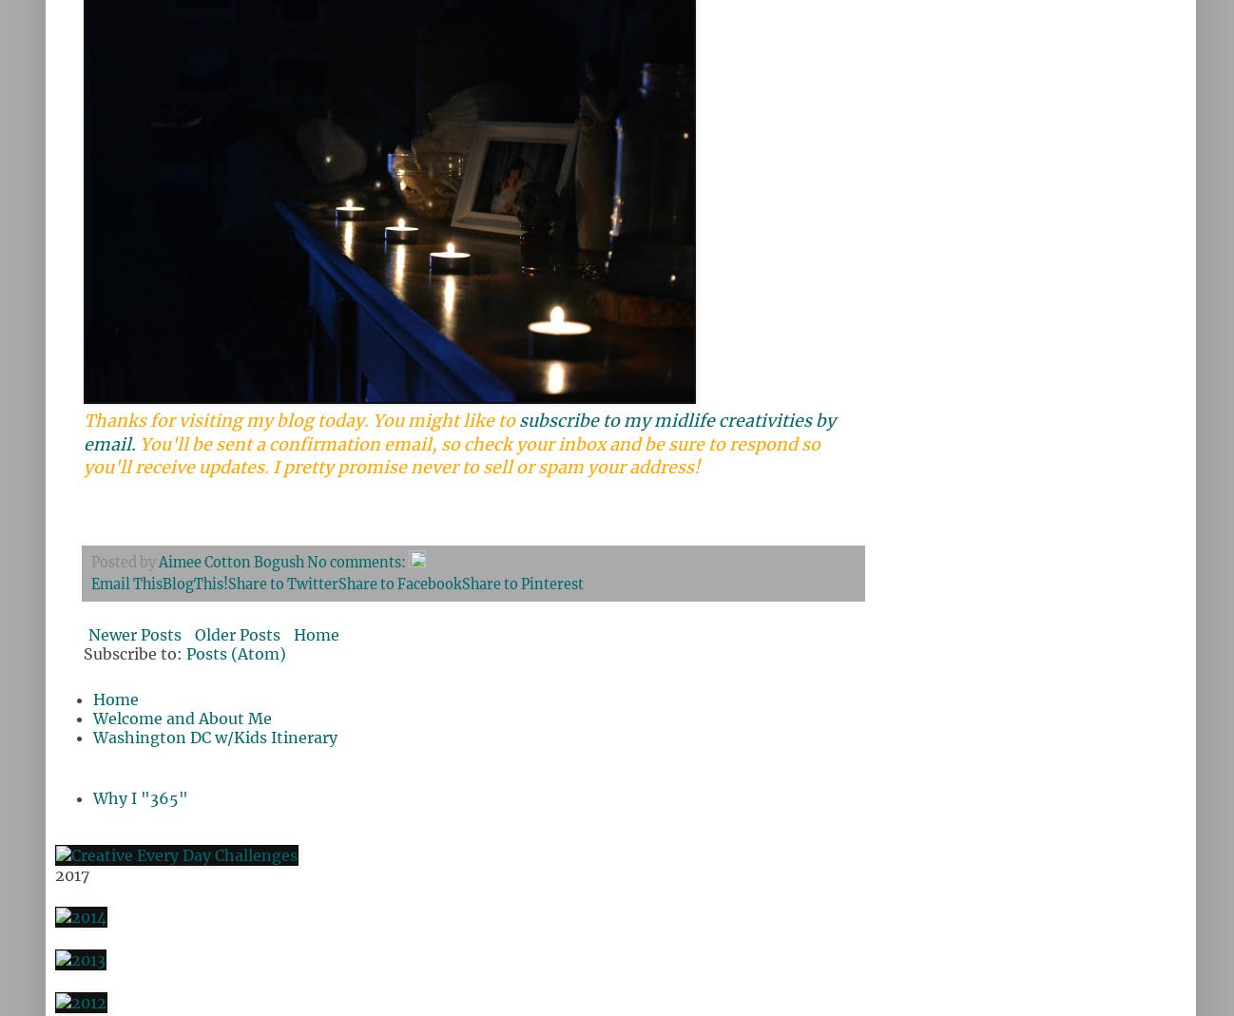  I want to click on 'Thanks for visiting my blog today.  You might like to', so click(299, 419).